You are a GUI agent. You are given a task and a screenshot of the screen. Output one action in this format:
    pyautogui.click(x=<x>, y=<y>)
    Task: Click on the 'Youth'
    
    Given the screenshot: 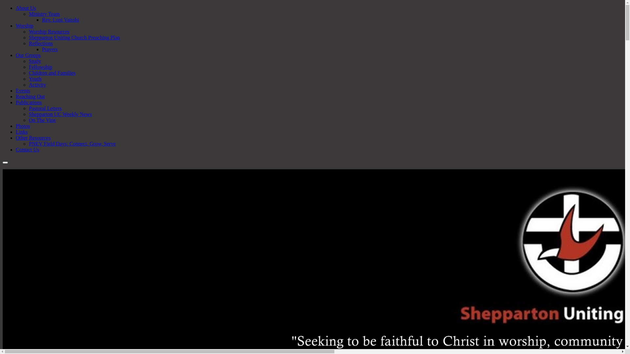 What is the action you would take?
    pyautogui.click(x=34, y=78)
    